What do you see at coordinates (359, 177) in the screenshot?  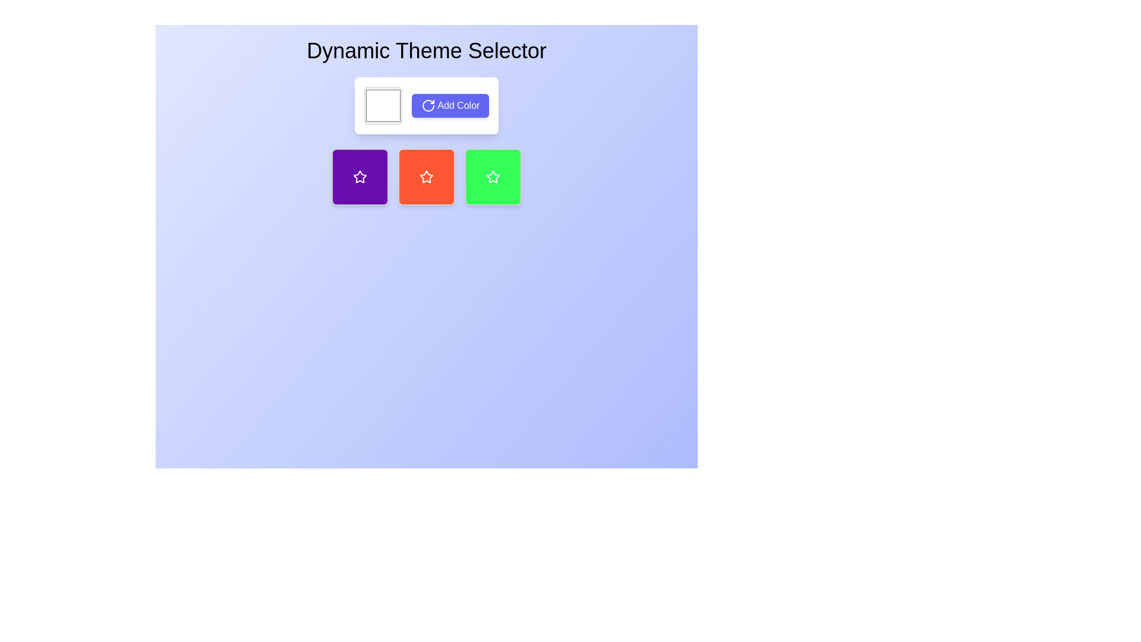 I see `the leftmost color tile in the Dynamic Theme Selector` at bounding box center [359, 177].